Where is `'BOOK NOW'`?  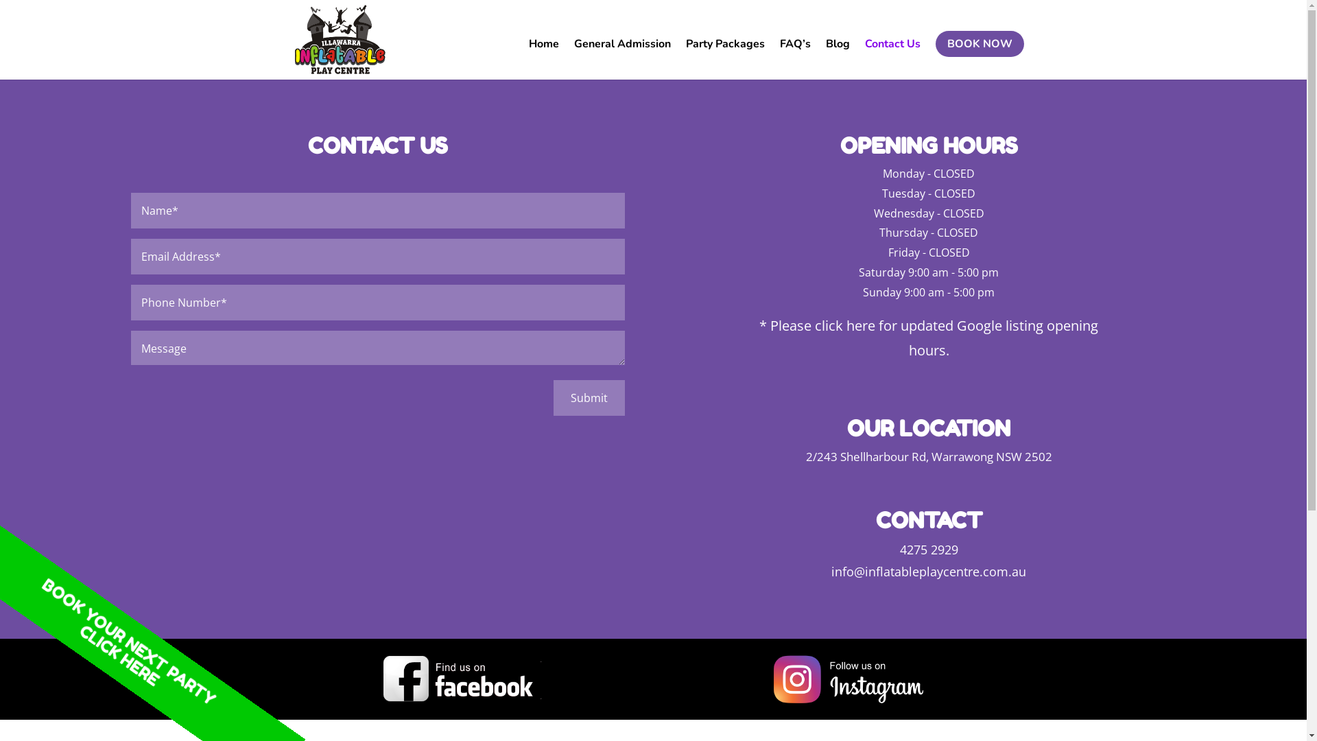
'BOOK NOW' is located at coordinates (979, 43).